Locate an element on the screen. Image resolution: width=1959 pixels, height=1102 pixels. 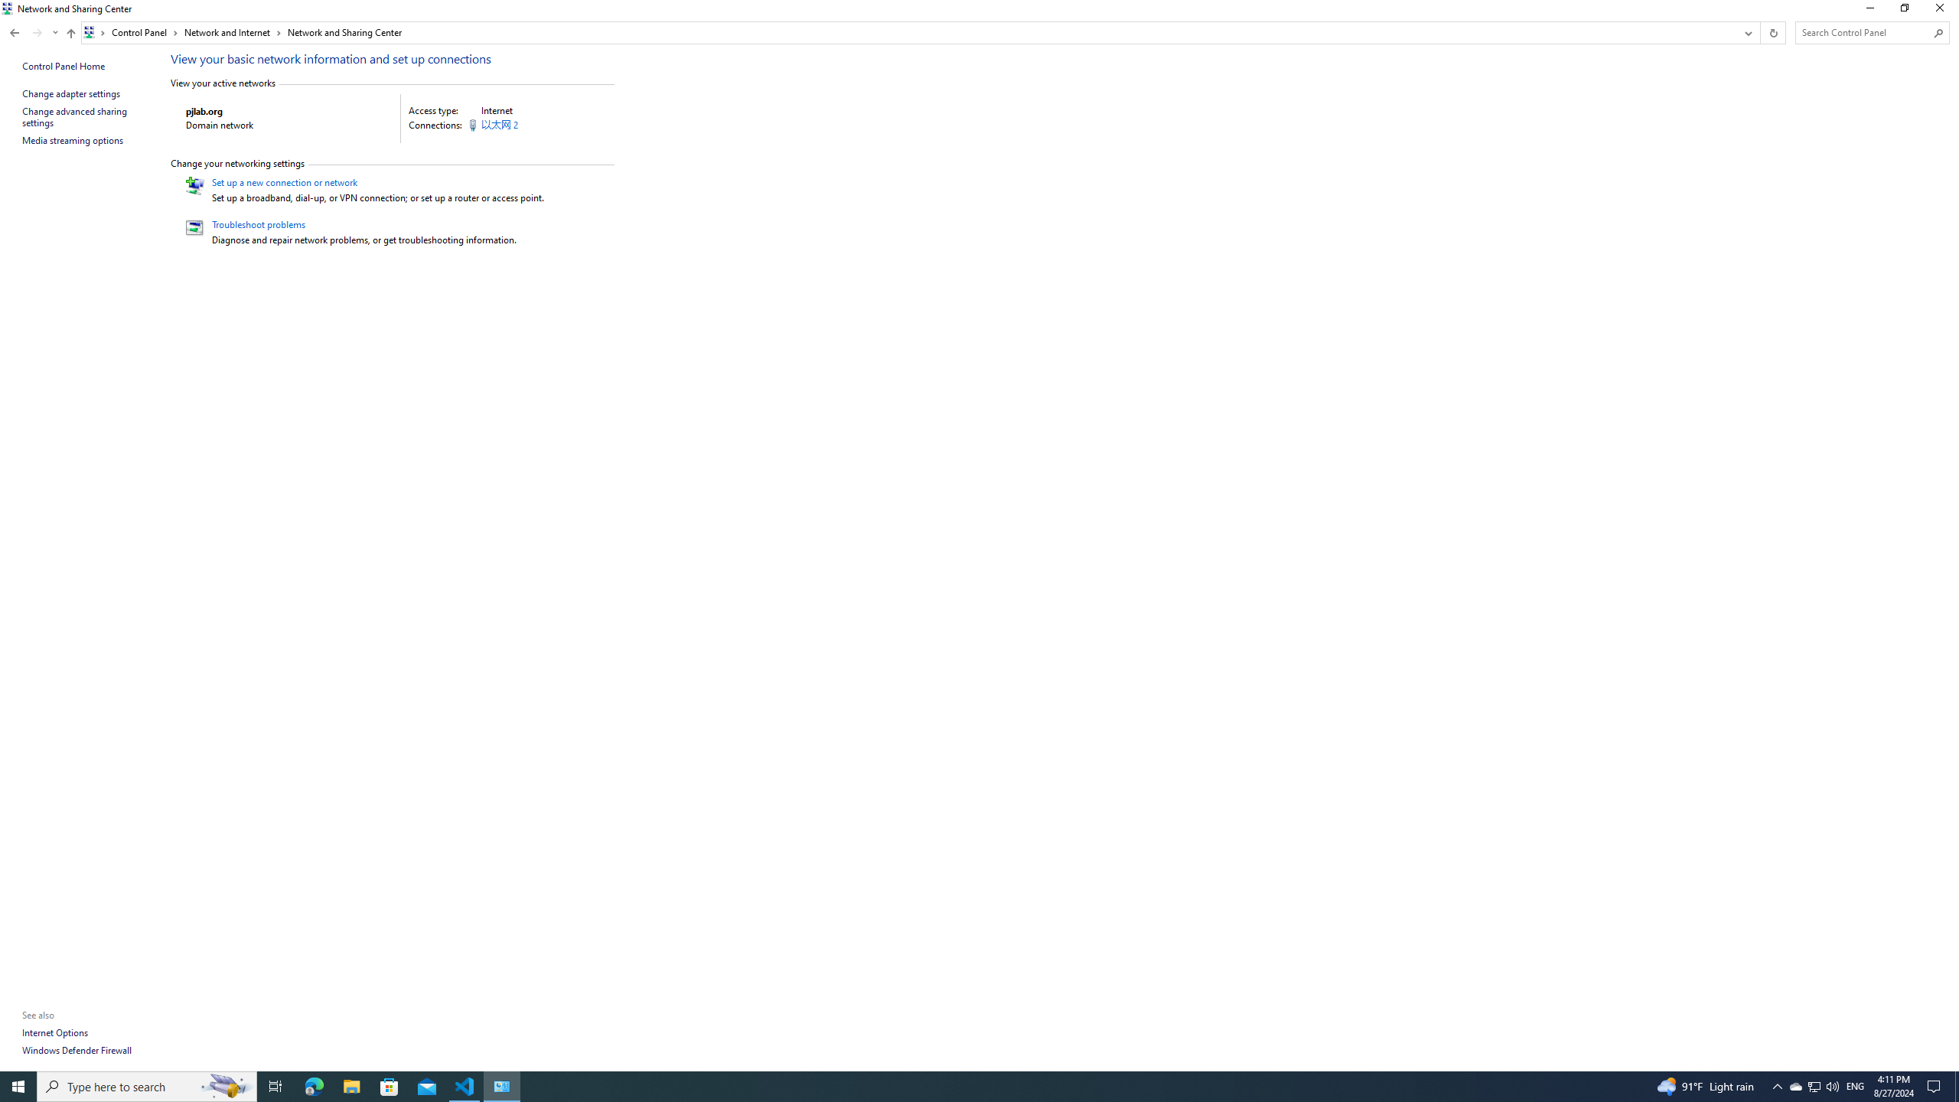
'All locations' is located at coordinates (94, 32).